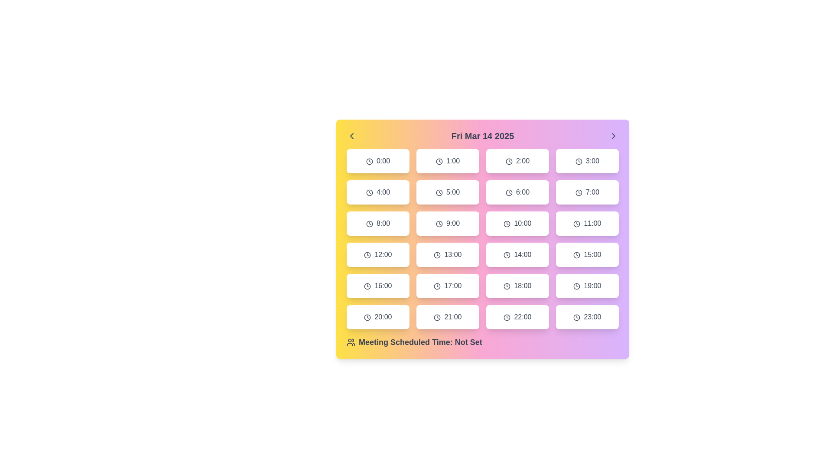 The image size is (832, 468). What do you see at coordinates (509, 161) in the screenshot?
I see `the clock icon, which is styled as an outline with a circular frame and is positioned to the left of the text '2:00' within a rounded white button` at bounding box center [509, 161].